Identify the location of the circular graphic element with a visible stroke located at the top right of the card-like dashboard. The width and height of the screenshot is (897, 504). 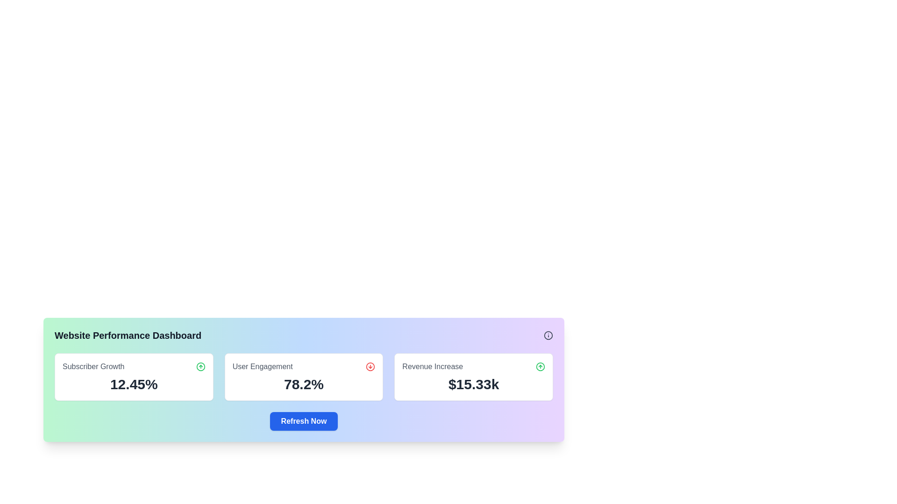
(548, 335).